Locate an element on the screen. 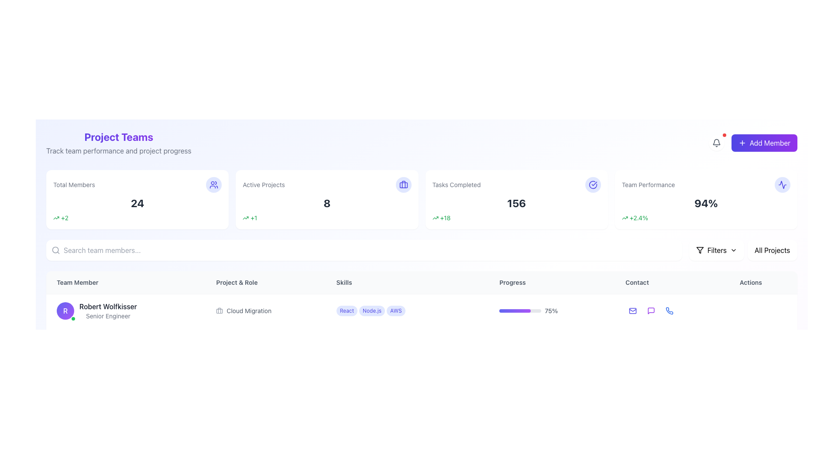  the profile information display of the team member, which includes their name, designation, and avatar, located is located at coordinates (125, 311).